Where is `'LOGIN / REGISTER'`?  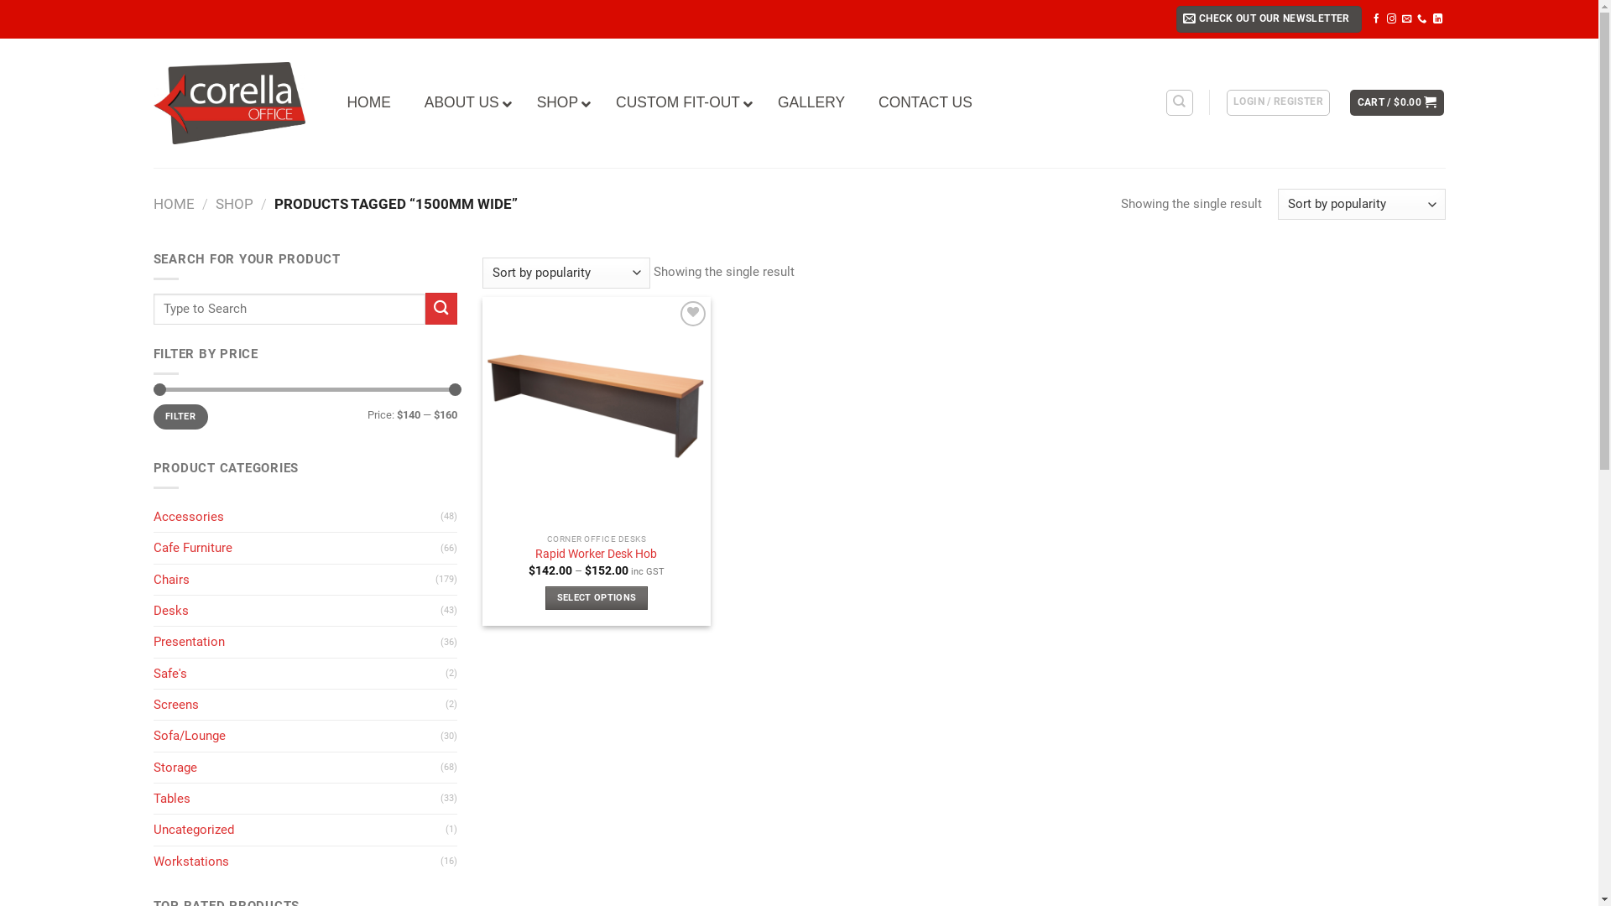 'LOGIN / REGISTER' is located at coordinates (1227, 102).